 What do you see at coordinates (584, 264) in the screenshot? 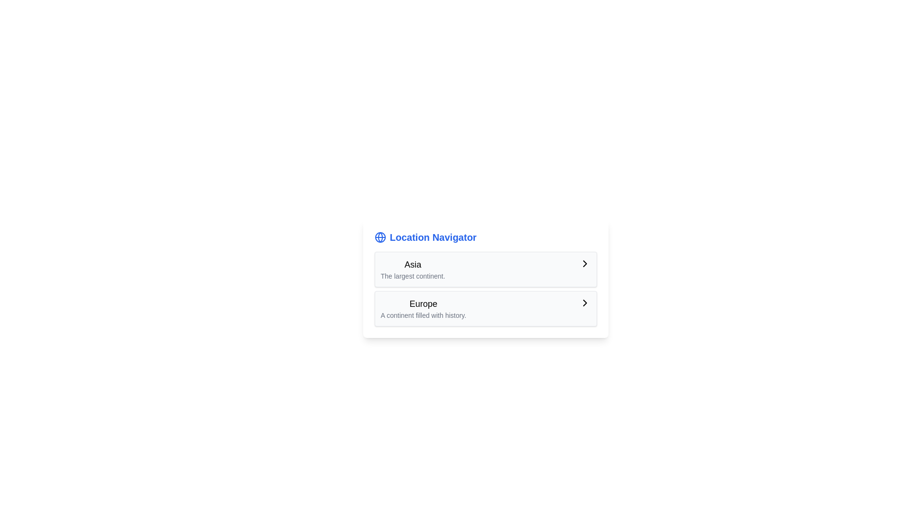
I see `the right-facing chevron arrow icon located within the 'Asia' card` at bounding box center [584, 264].